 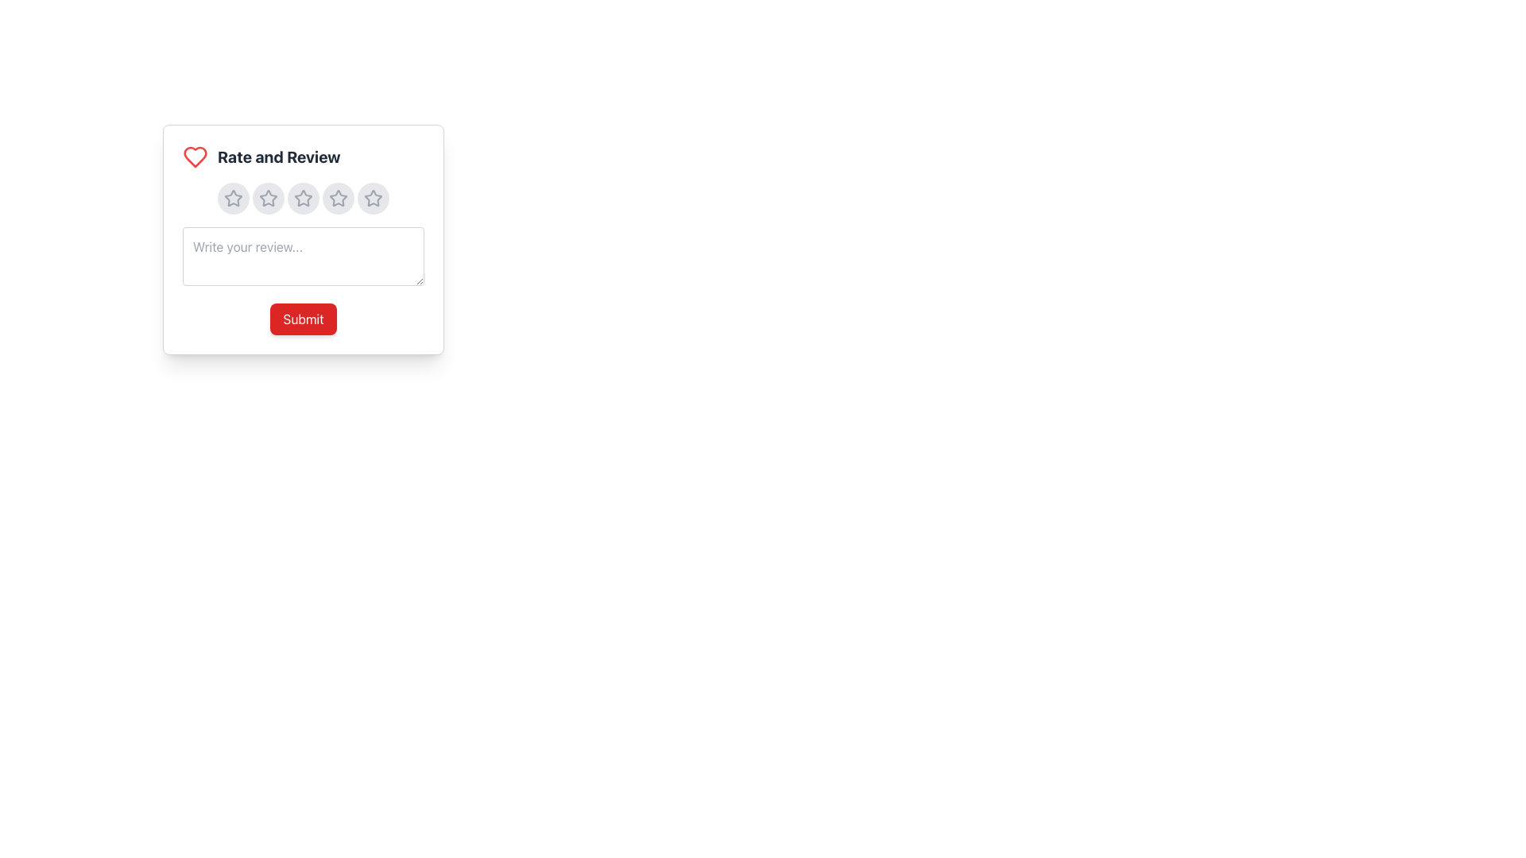 I want to click on the fourth star button in the rating panel, so click(x=338, y=198).